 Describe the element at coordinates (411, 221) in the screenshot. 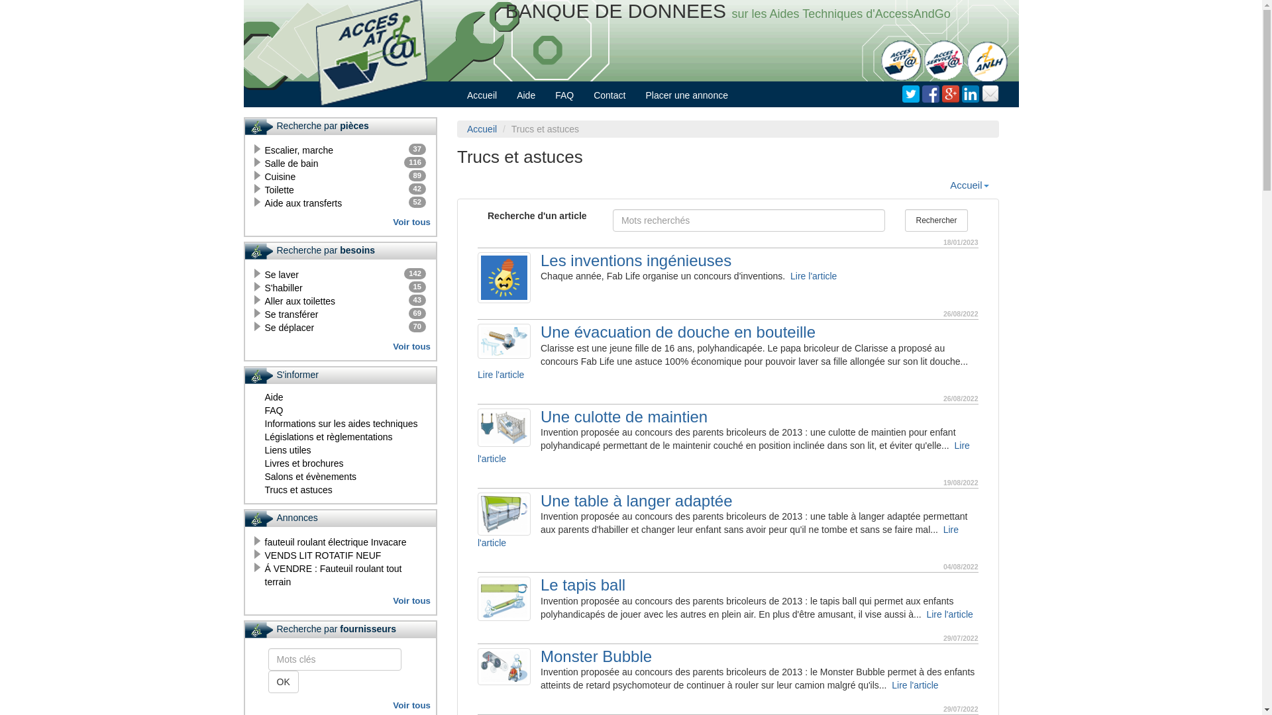

I see `'Voir tous'` at that location.